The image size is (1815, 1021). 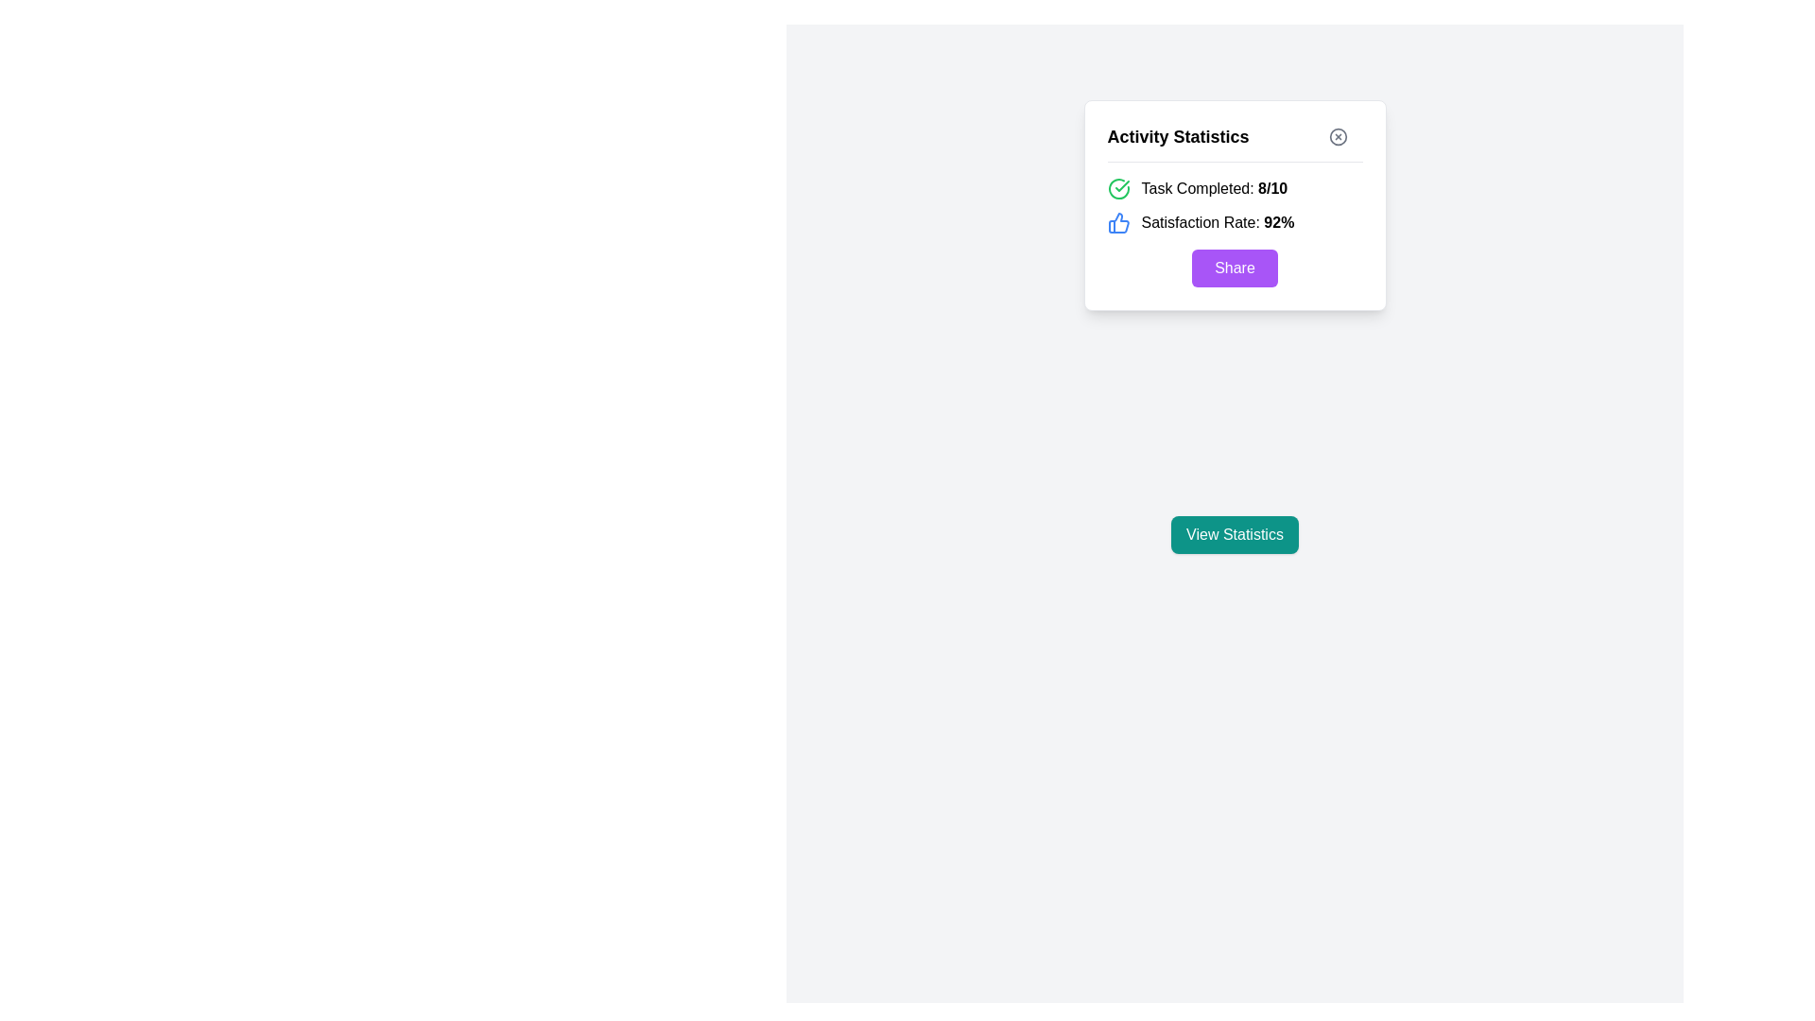 What do you see at coordinates (1342, 136) in the screenshot?
I see `the small gray circular close button with a white 'X' symbol located at the top-right corner of the 'Activity Statistics' panel` at bounding box center [1342, 136].